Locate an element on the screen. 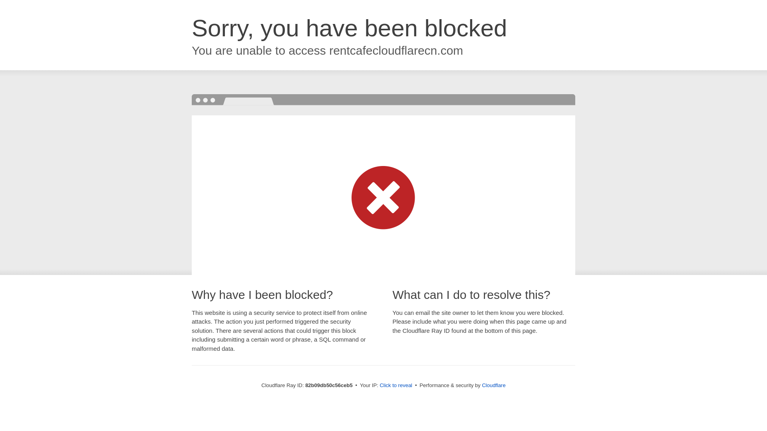 The width and height of the screenshot is (767, 431). 'Click to reveal' is located at coordinates (379, 385).